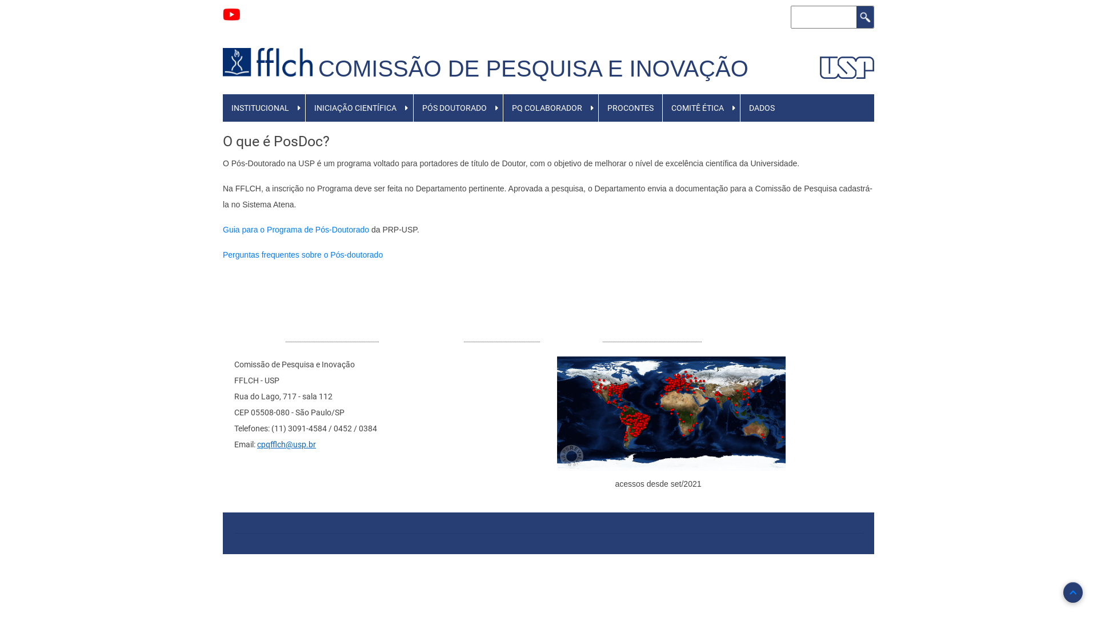  What do you see at coordinates (1072, 592) in the screenshot?
I see `'Back to Top'` at bounding box center [1072, 592].